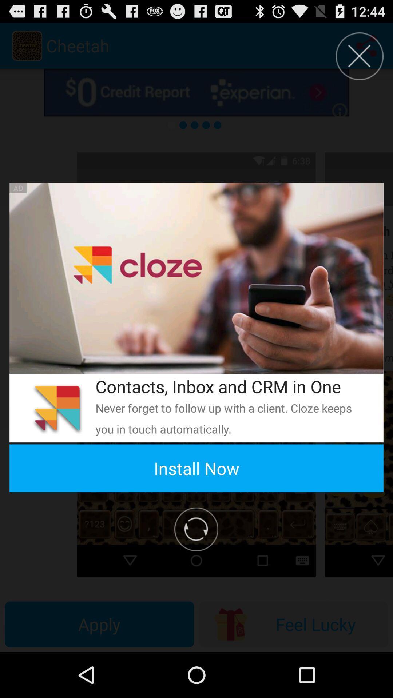 The image size is (393, 698). Describe the element at coordinates (196, 468) in the screenshot. I see `install now item` at that location.